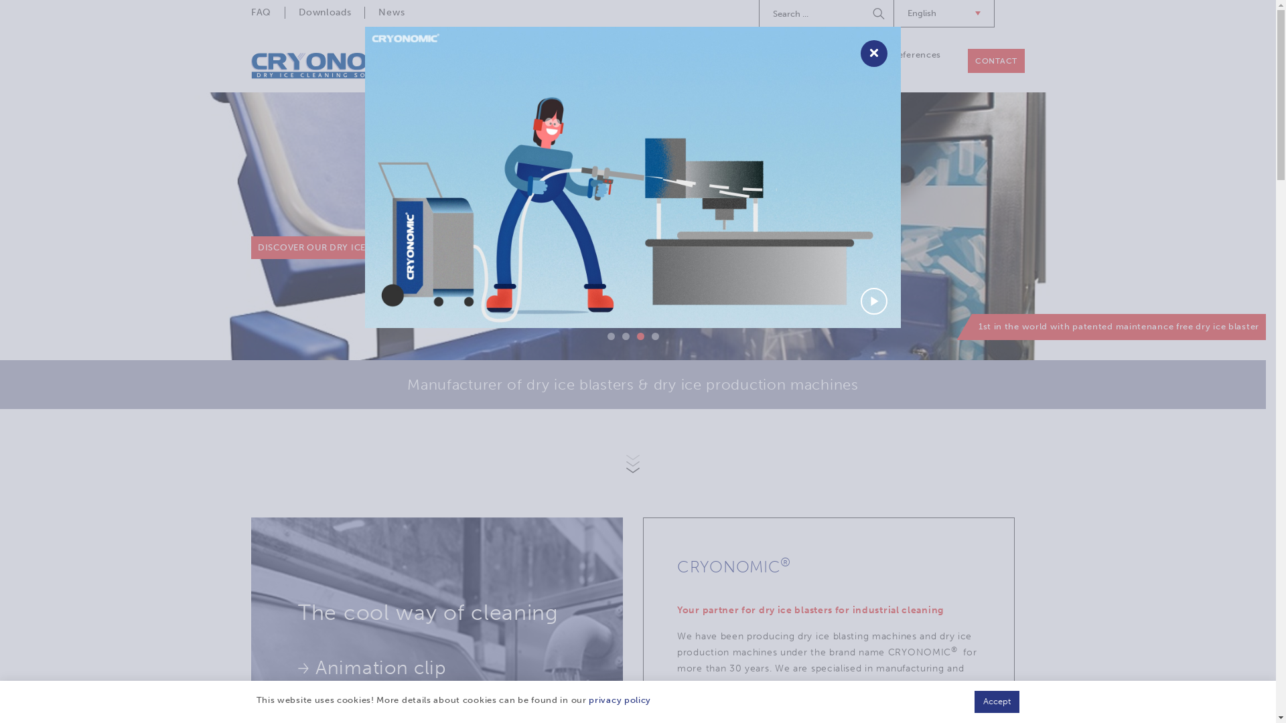 The width and height of the screenshot is (1286, 723). What do you see at coordinates (649, 54) in the screenshot?
I see `'Dry ice process'` at bounding box center [649, 54].